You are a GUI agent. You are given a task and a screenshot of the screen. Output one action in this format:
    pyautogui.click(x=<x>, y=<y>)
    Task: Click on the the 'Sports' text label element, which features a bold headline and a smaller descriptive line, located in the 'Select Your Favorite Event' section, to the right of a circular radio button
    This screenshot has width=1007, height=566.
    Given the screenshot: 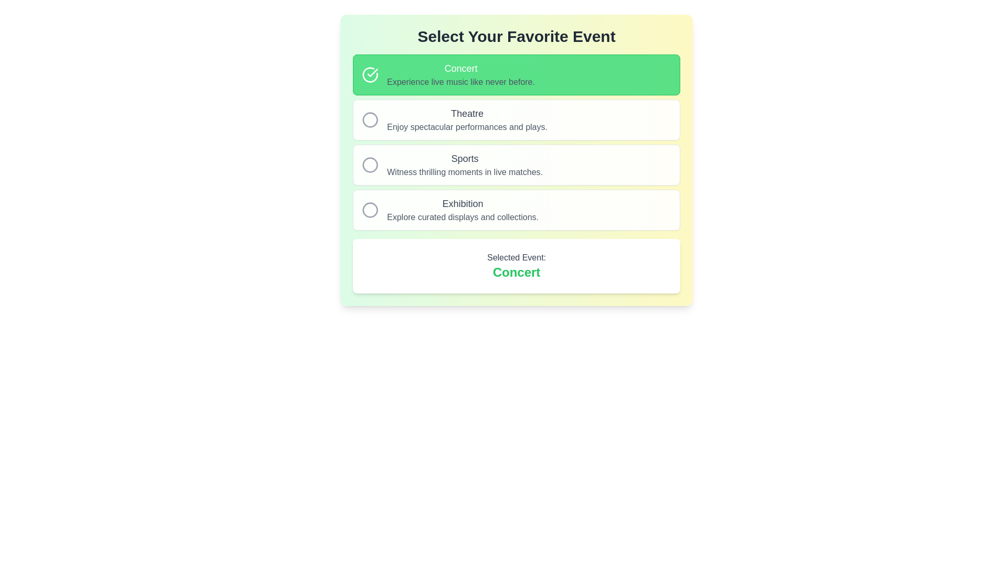 What is the action you would take?
    pyautogui.click(x=464, y=165)
    